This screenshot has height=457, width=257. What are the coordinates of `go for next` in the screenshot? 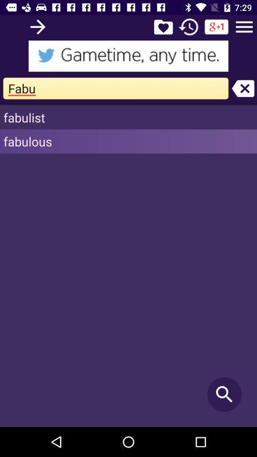 It's located at (37, 26).